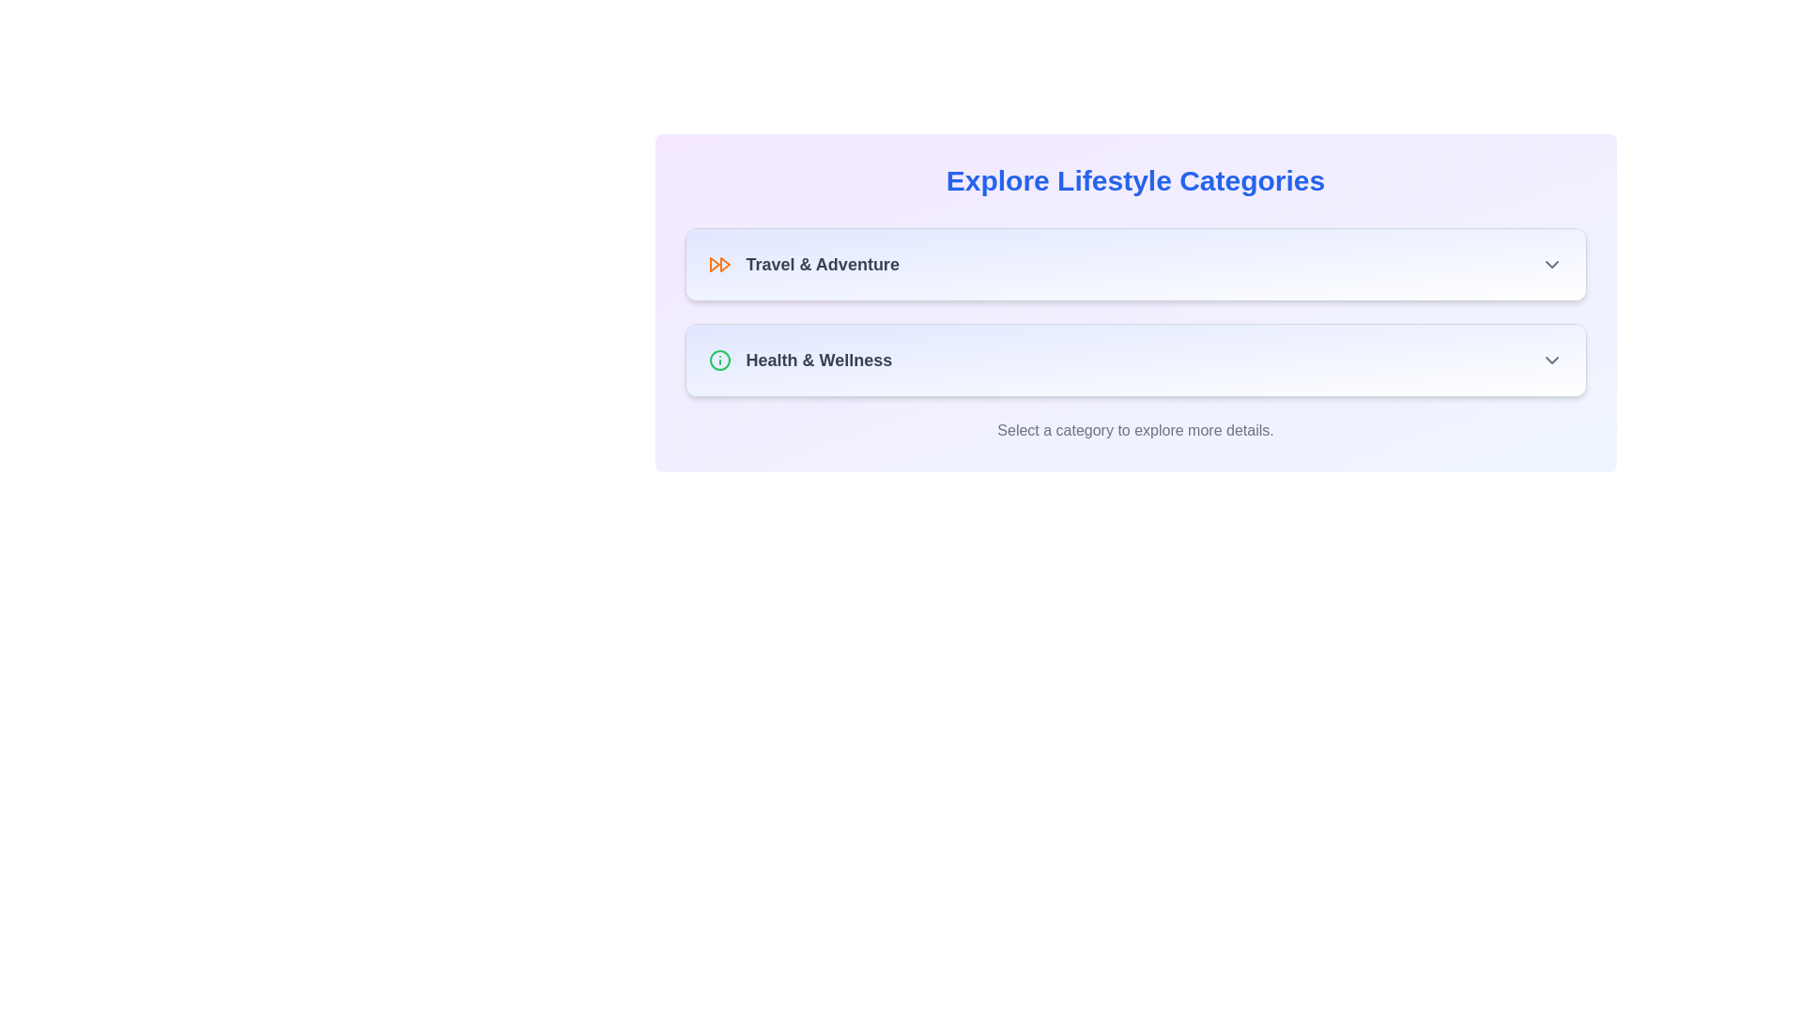 The height and width of the screenshot is (1014, 1803). What do you see at coordinates (714, 264) in the screenshot?
I see `the decorative icon representing the category 'Travel & Adventure', which contains a fast-forward symbol, located on the left side of the list item labeled 'Travel & Adventure'` at bounding box center [714, 264].